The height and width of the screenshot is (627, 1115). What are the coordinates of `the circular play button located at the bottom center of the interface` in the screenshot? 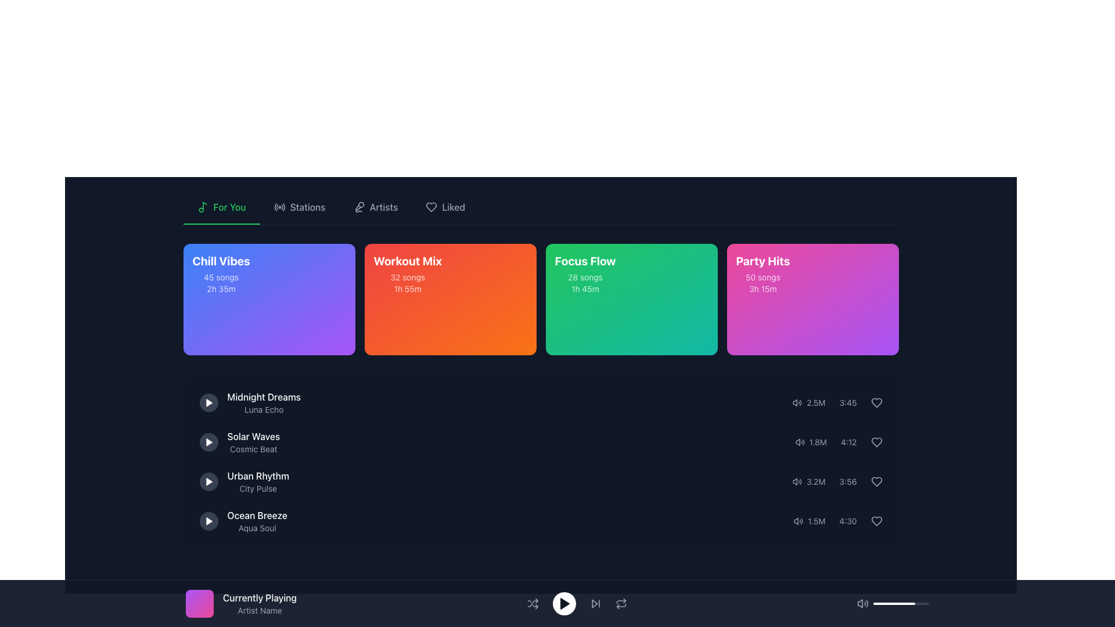 It's located at (564, 603).